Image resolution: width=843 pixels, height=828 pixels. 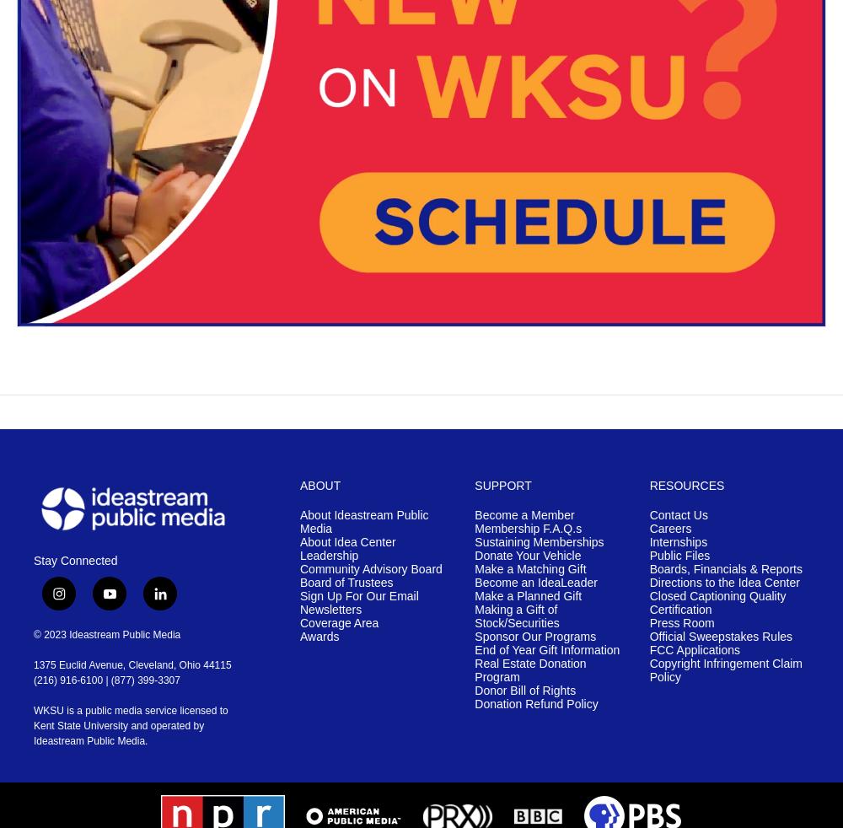 What do you see at coordinates (74, 560) in the screenshot?
I see `'Stay Connected'` at bounding box center [74, 560].